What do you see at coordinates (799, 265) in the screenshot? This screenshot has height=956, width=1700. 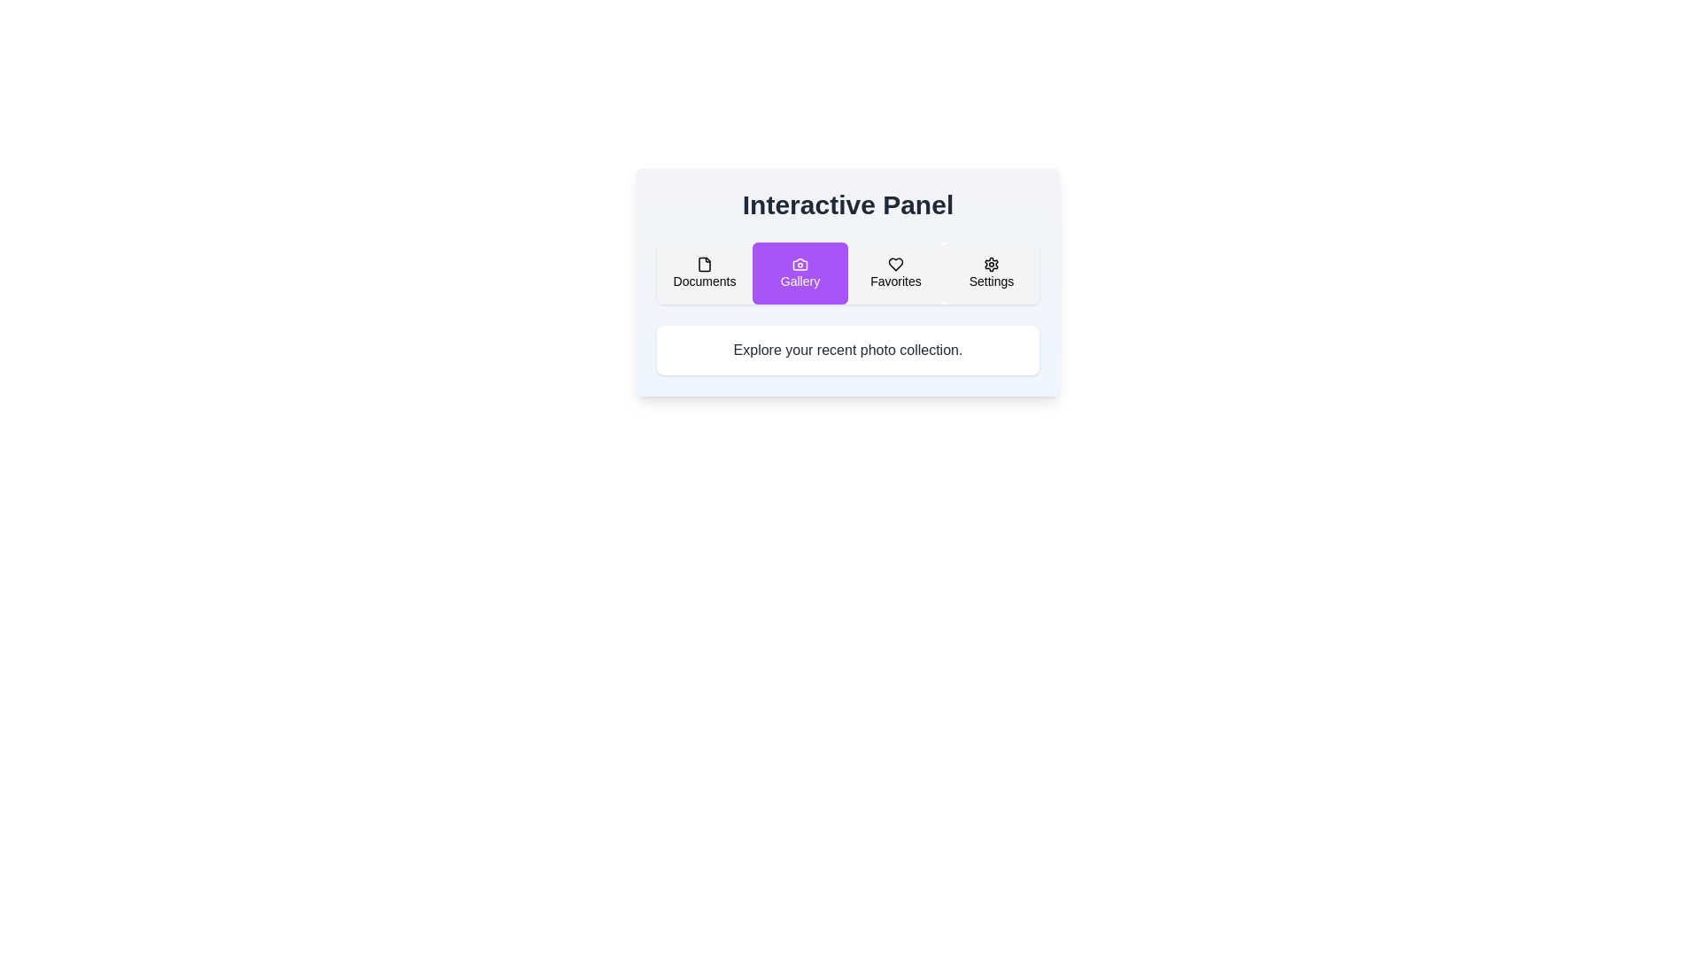 I see `the 'Gallery' button, which is the second button in a horizontal group of four buttons, visually representing a gallery or photo-related feature` at bounding box center [799, 265].